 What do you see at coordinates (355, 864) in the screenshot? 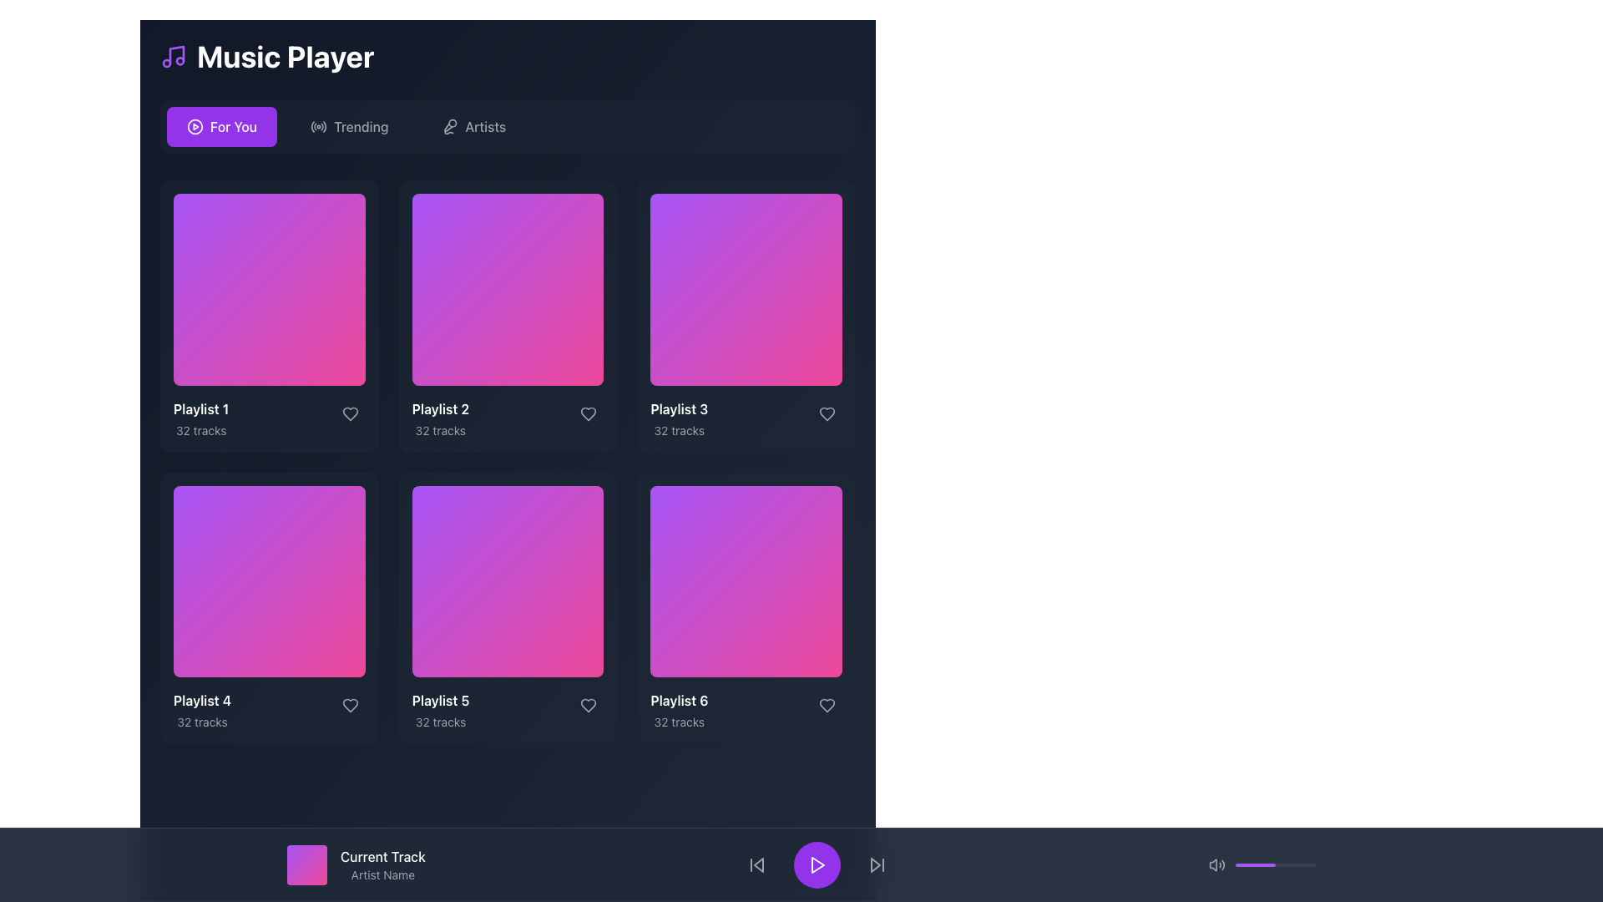
I see `the informational display that shows the song's cover art and track details, including the title 'Current Track' and artist name, located at the bottom left of the playback controls` at bounding box center [355, 864].